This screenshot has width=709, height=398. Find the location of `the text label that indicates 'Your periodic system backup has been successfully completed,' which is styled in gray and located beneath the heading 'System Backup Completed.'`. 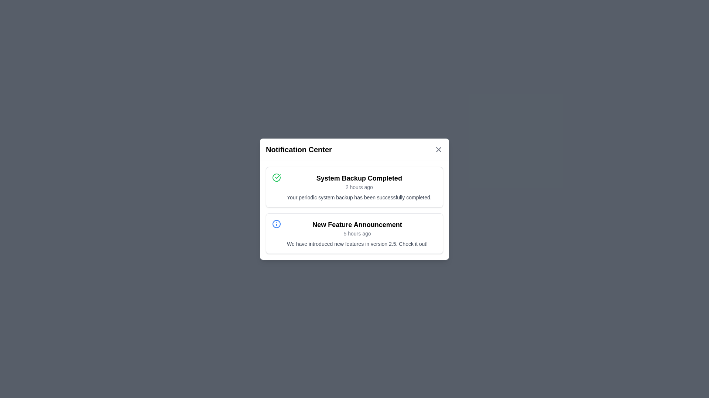

the text label that indicates 'Your periodic system backup has been successfully completed,' which is styled in gray and located beneath the heading 'System Backup Completed.' is located at coordinates (359, 197).